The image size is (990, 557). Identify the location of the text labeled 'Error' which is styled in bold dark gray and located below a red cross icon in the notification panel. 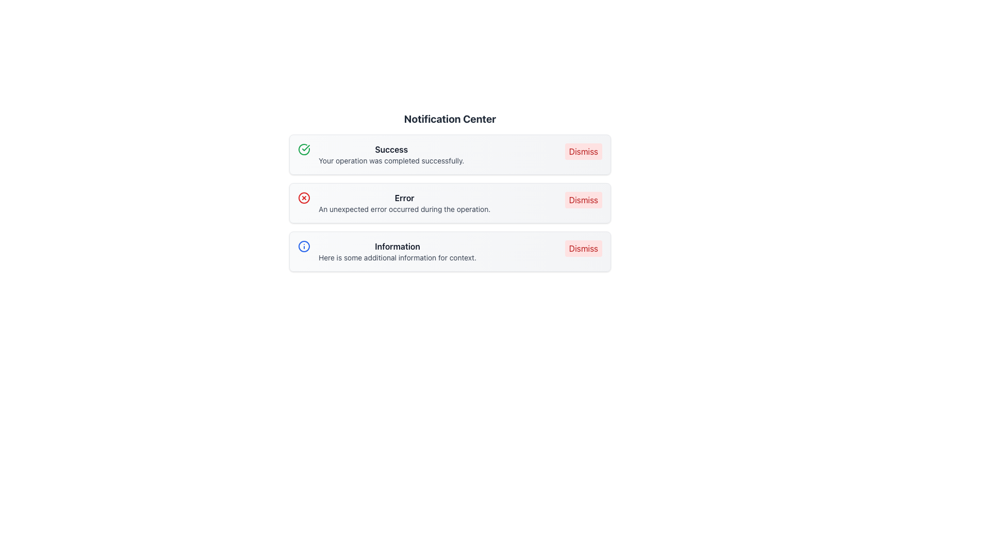
(404, 198).